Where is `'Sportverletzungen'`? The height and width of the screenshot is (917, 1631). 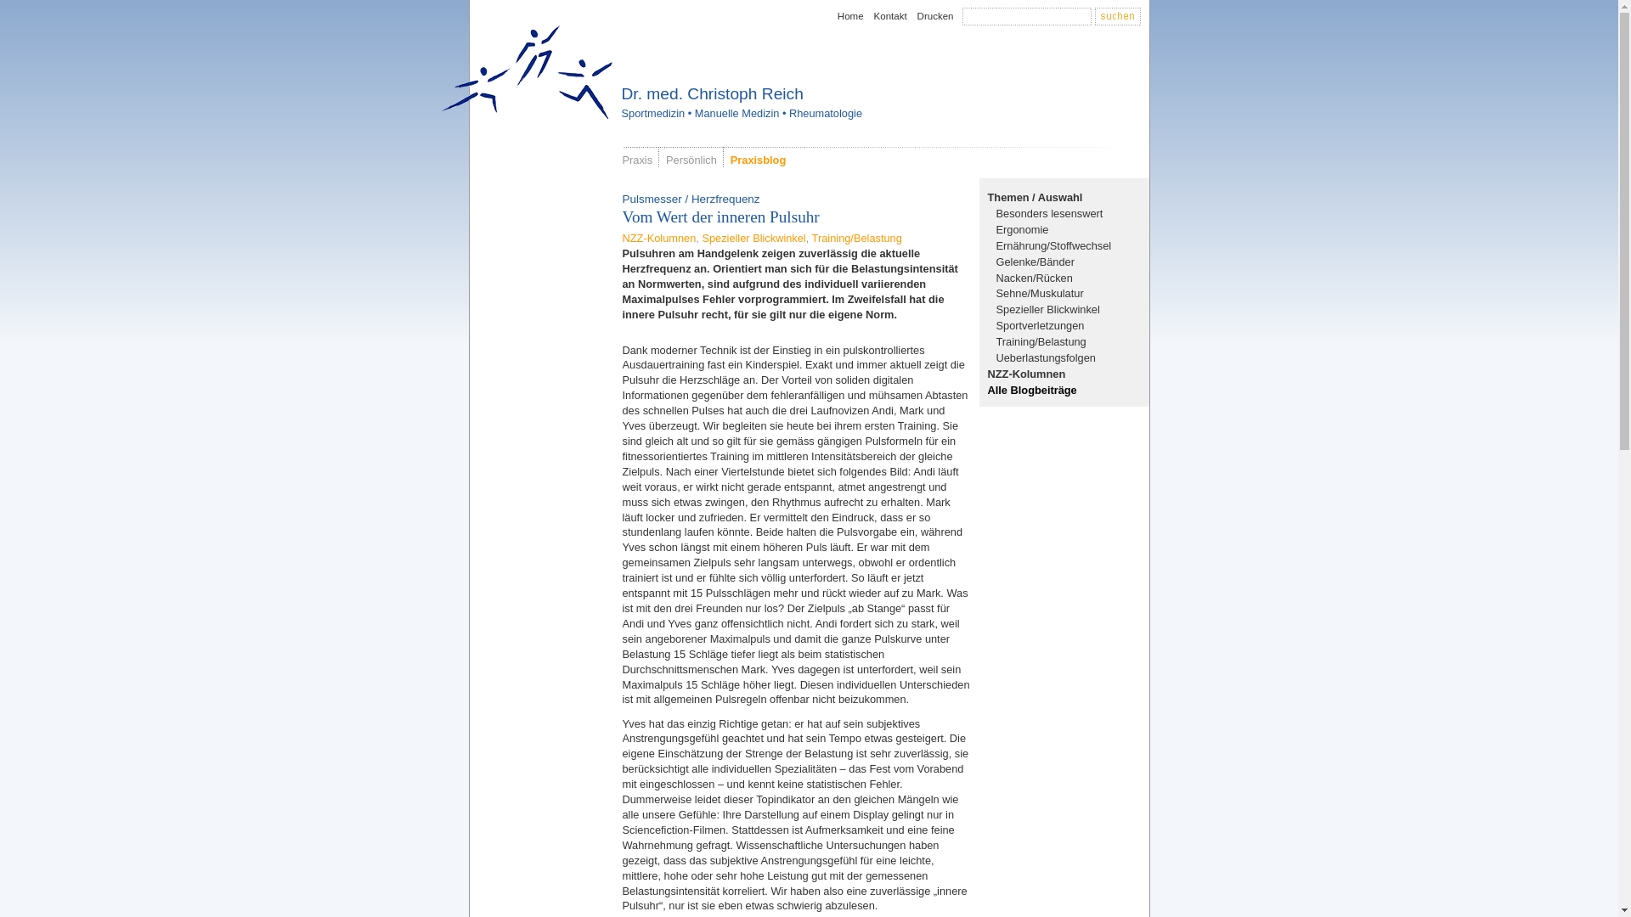
'Sportverletzungen' is located at coordinates (1039, 325).